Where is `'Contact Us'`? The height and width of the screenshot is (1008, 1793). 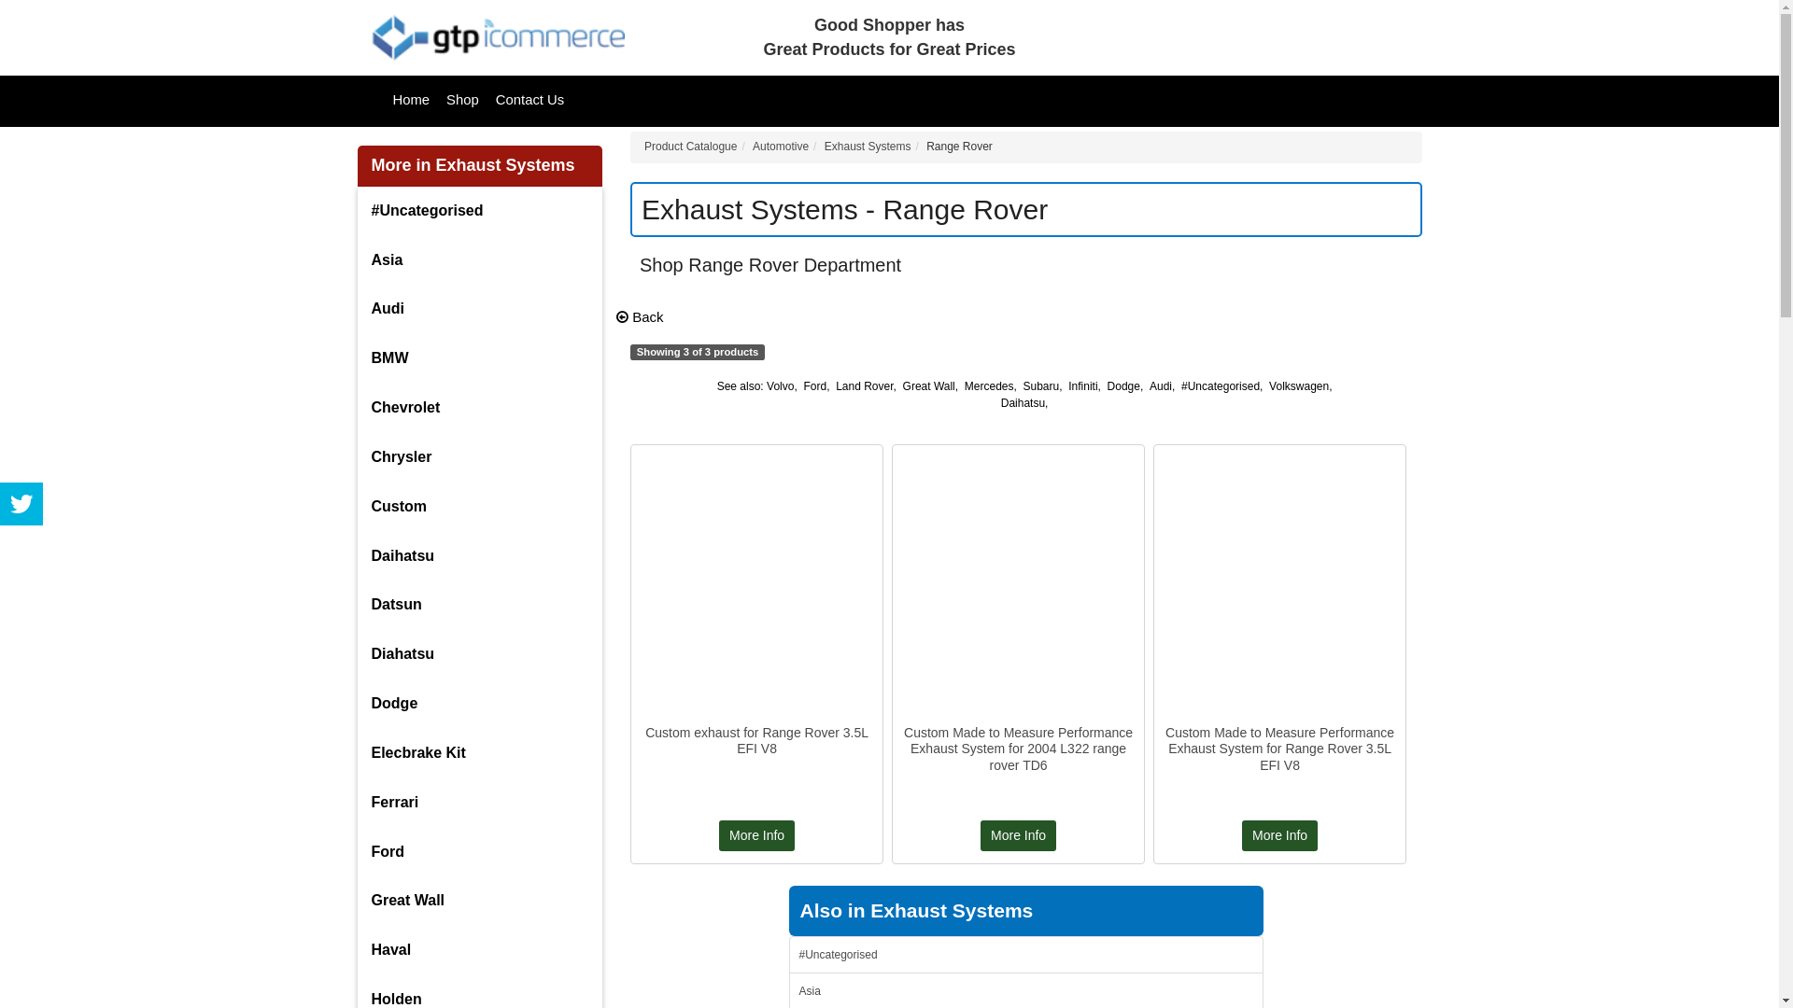
'Contact Us' is located at coordinates (529, 100).